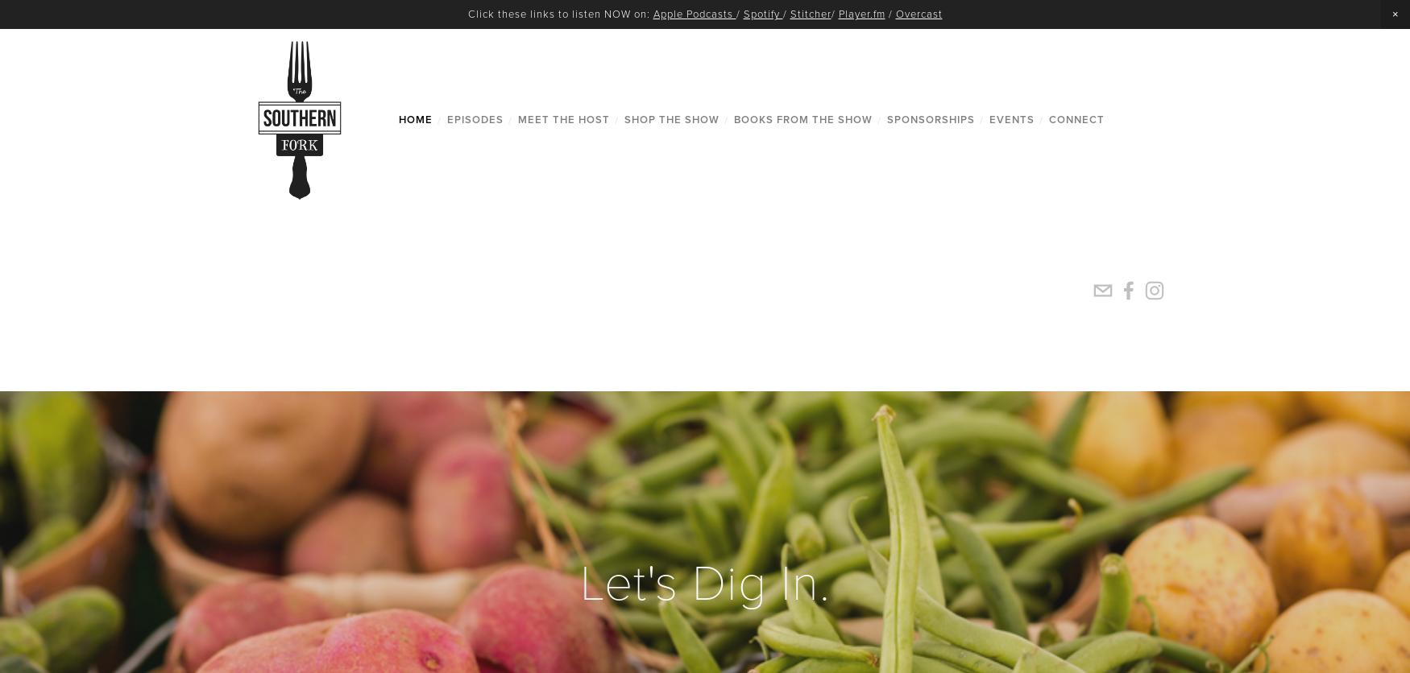 The height and width of the screenshot is (673, 1410). What do you see at coordinates (467, 14) in the screenshot?
I see `'Click these links to listen NOW  on:'` at bounding box center [467, 14].